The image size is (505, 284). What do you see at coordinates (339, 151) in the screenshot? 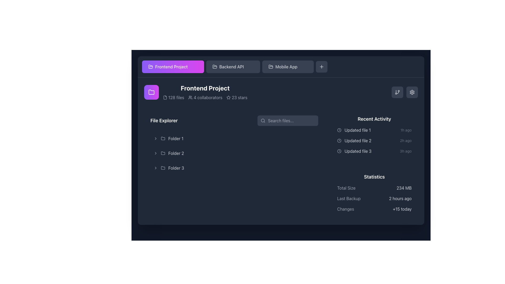
I see `the time icon that indicates the timestamp of a file update, which is located to the left of the text 'Updated file 3'` at bounding box center [339, 151].